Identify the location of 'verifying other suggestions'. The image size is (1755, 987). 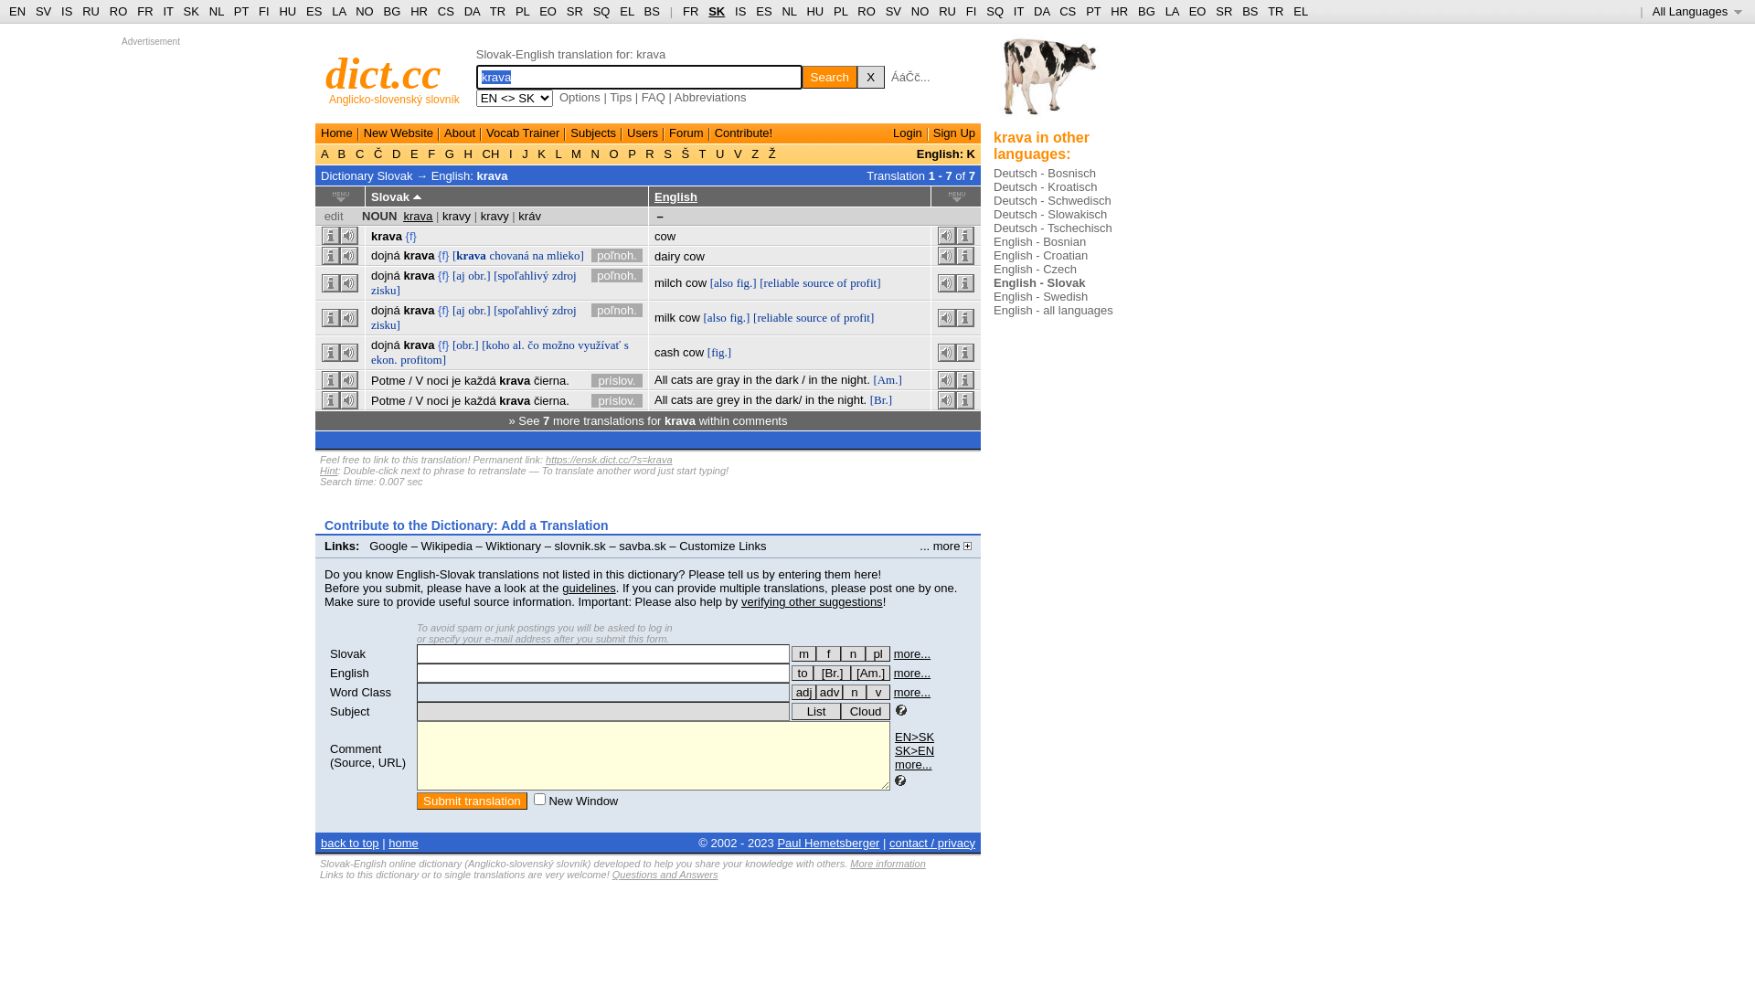
(811, 601).